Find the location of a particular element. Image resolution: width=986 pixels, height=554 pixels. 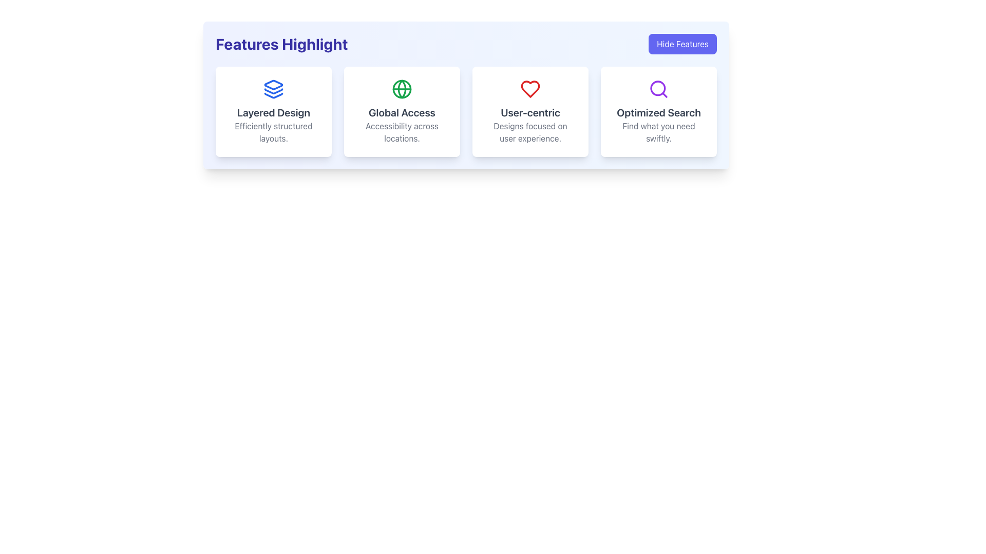

the search icon located in the top section of the 'Optimized Search' card, which is the last card in the feature cards row is located at coordinates (658, 88).